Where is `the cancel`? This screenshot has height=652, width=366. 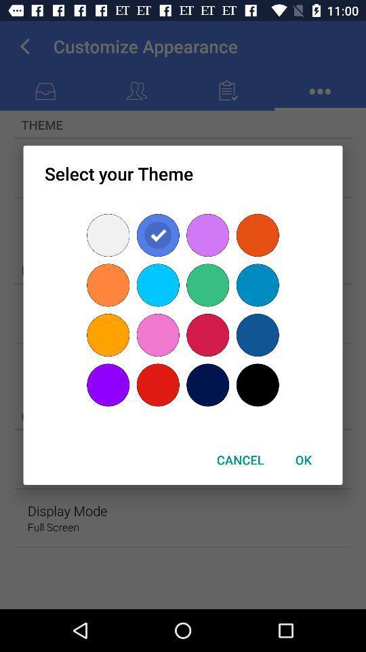 the cancel is located at coordinates (239, 460).